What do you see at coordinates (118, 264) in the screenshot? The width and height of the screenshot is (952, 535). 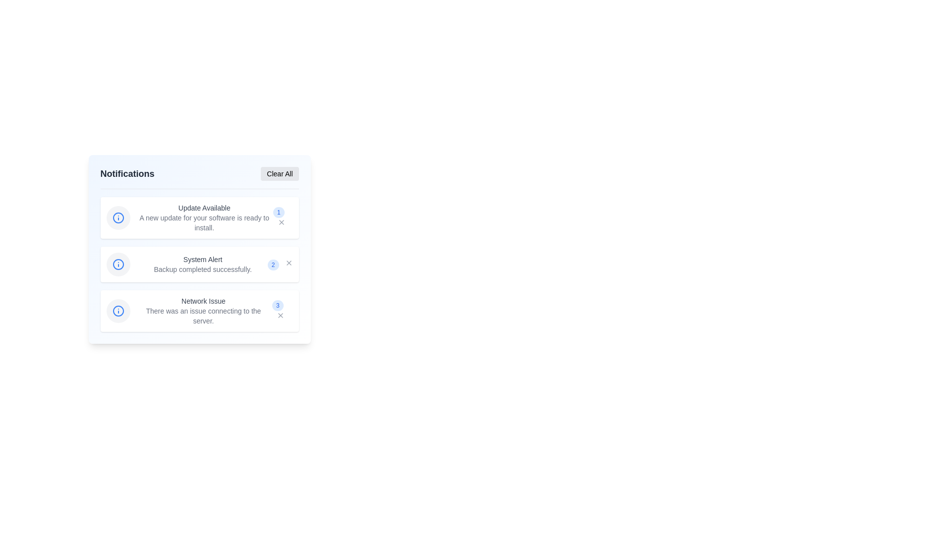 I see `the informational icon indicating 'System Alert', which is positioned at the leftmost side of the notification row, aligned with the title 'System Alert'` at bounding box center [118, 264].